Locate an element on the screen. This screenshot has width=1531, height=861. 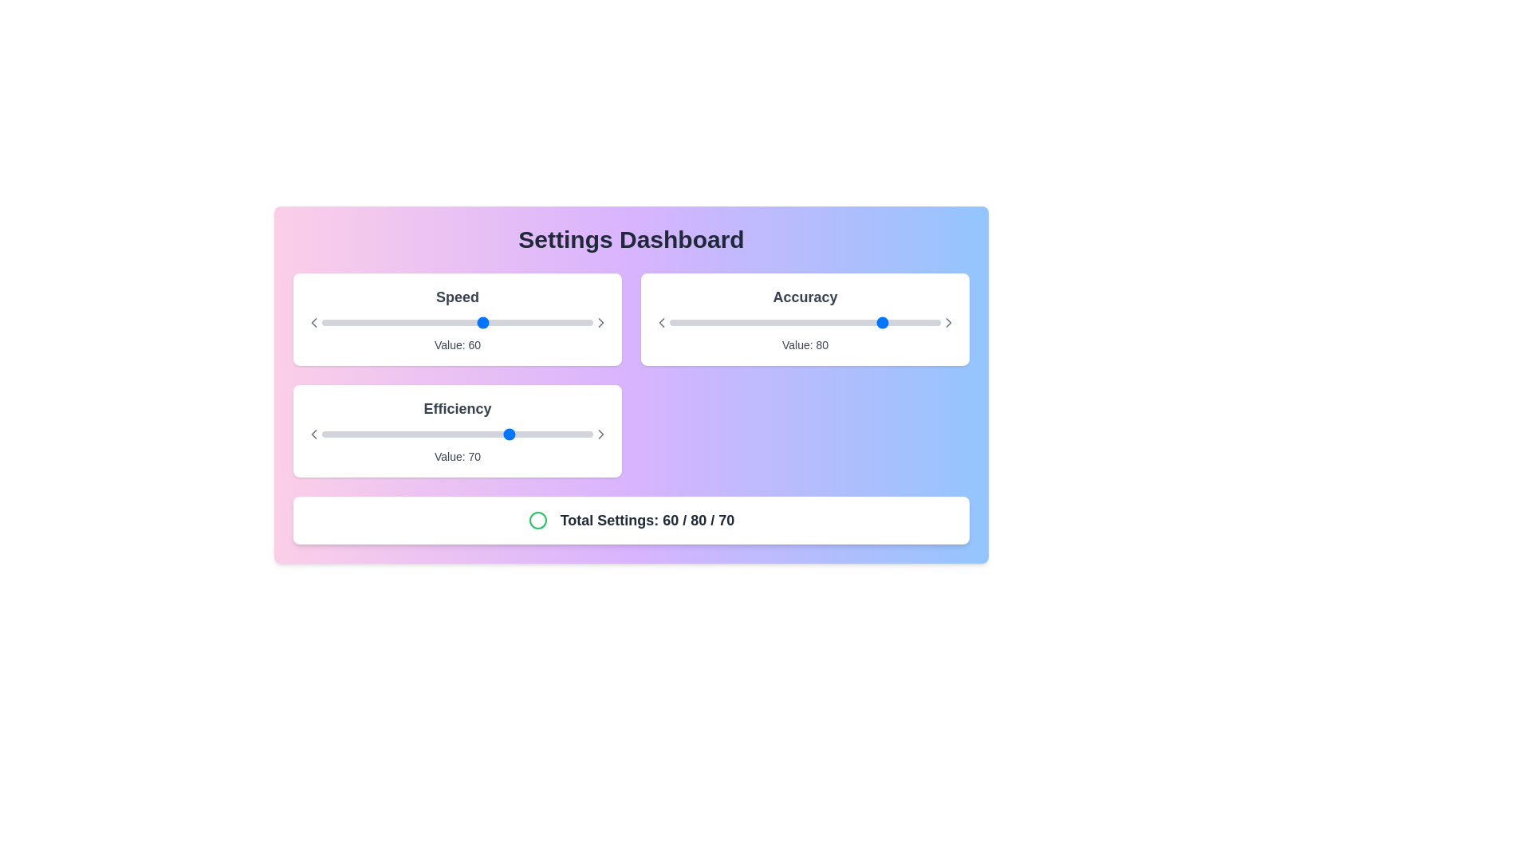
efficiency is located at coordinates (435, 434).